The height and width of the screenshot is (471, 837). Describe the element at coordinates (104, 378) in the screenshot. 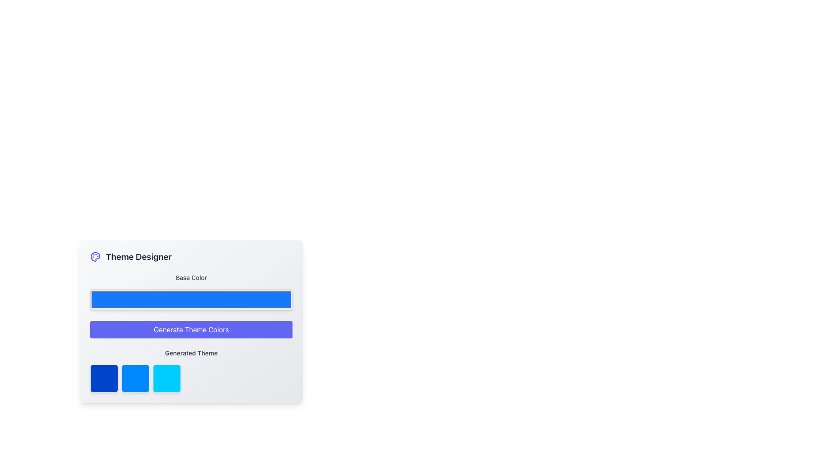

I see `the first static visual box in the 'Generated Theme' section, located beneath the 'Generate Theme Colors' button` at that location.